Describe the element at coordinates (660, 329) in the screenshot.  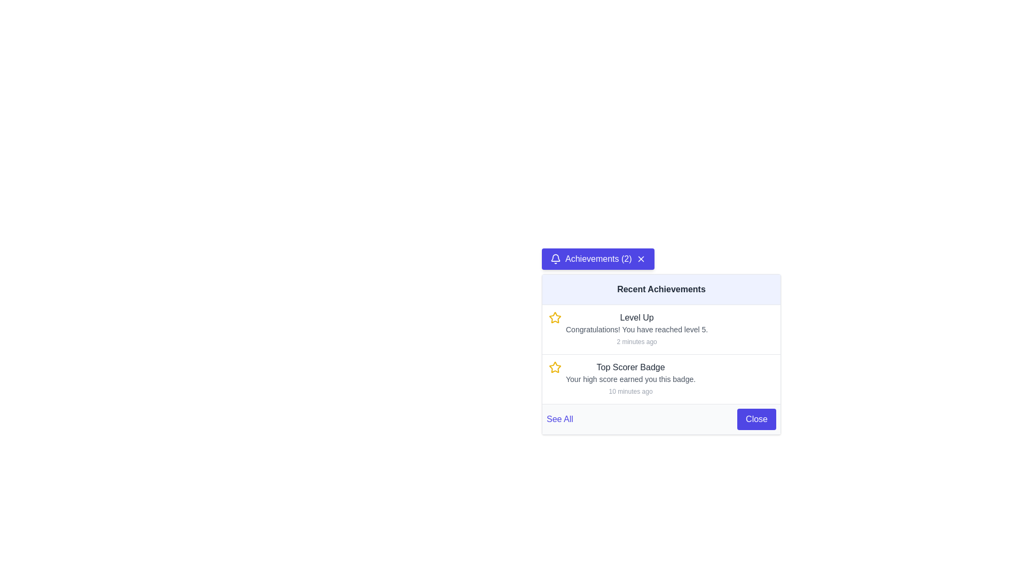
I see `information displayed in the first notification item, which includes a star icon, the text 'Level Up', and the congratulatory message about reaching level 5` at that location.